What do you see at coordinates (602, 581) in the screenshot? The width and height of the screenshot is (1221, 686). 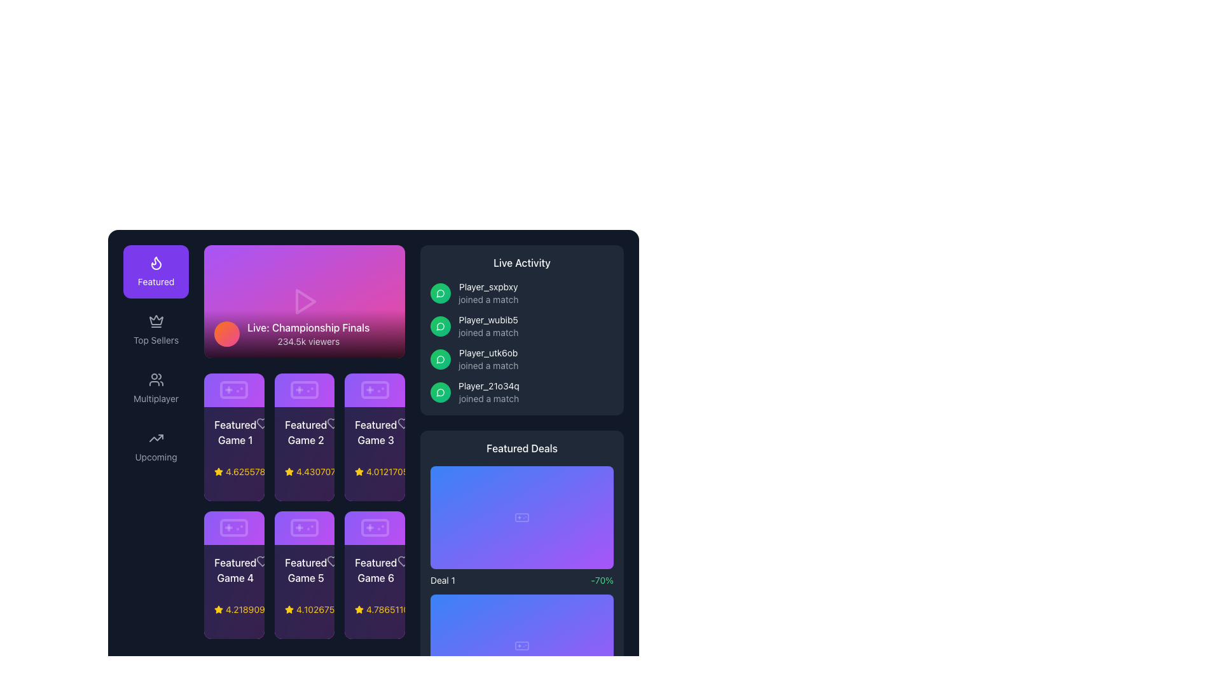 I see `the green text label displaying the discount '-70%' located to the right of 'Deal 1' in the bottom area of the 'Featured Deals' section` at bounding box center [602, 581].